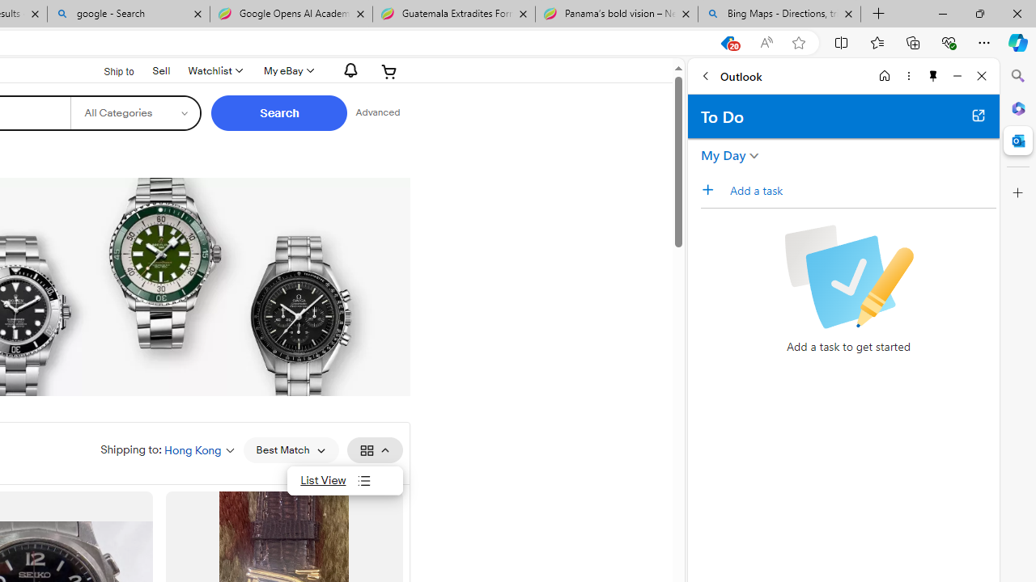 The image size is (1036, 582). Describe the element at coordinates (108, 71) in the screenshot. I see `'Ship to'` at that location.